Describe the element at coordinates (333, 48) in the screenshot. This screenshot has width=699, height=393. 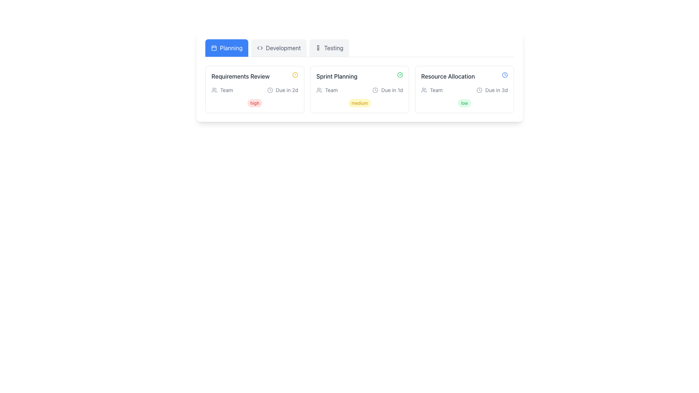
I see `the text label that reads 'Testing' to trigger the tooltip or highlight effect` at that location.